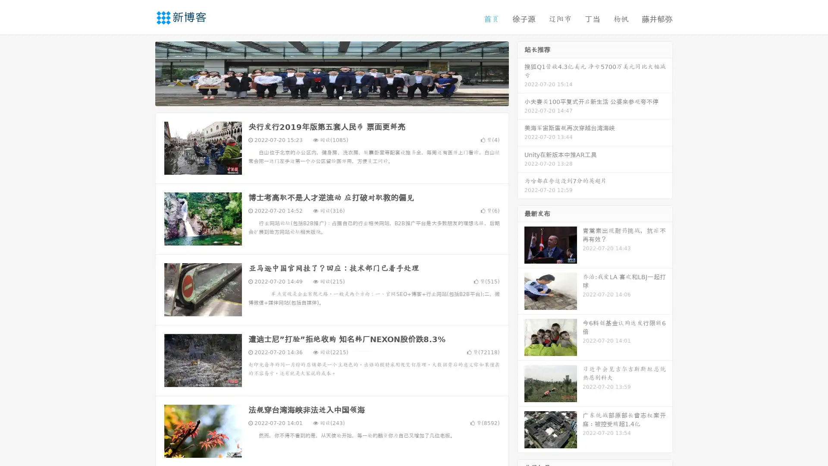 The width and height of the screenshot is (828, 466). I want to click on Previous slide, so click(142, 72).